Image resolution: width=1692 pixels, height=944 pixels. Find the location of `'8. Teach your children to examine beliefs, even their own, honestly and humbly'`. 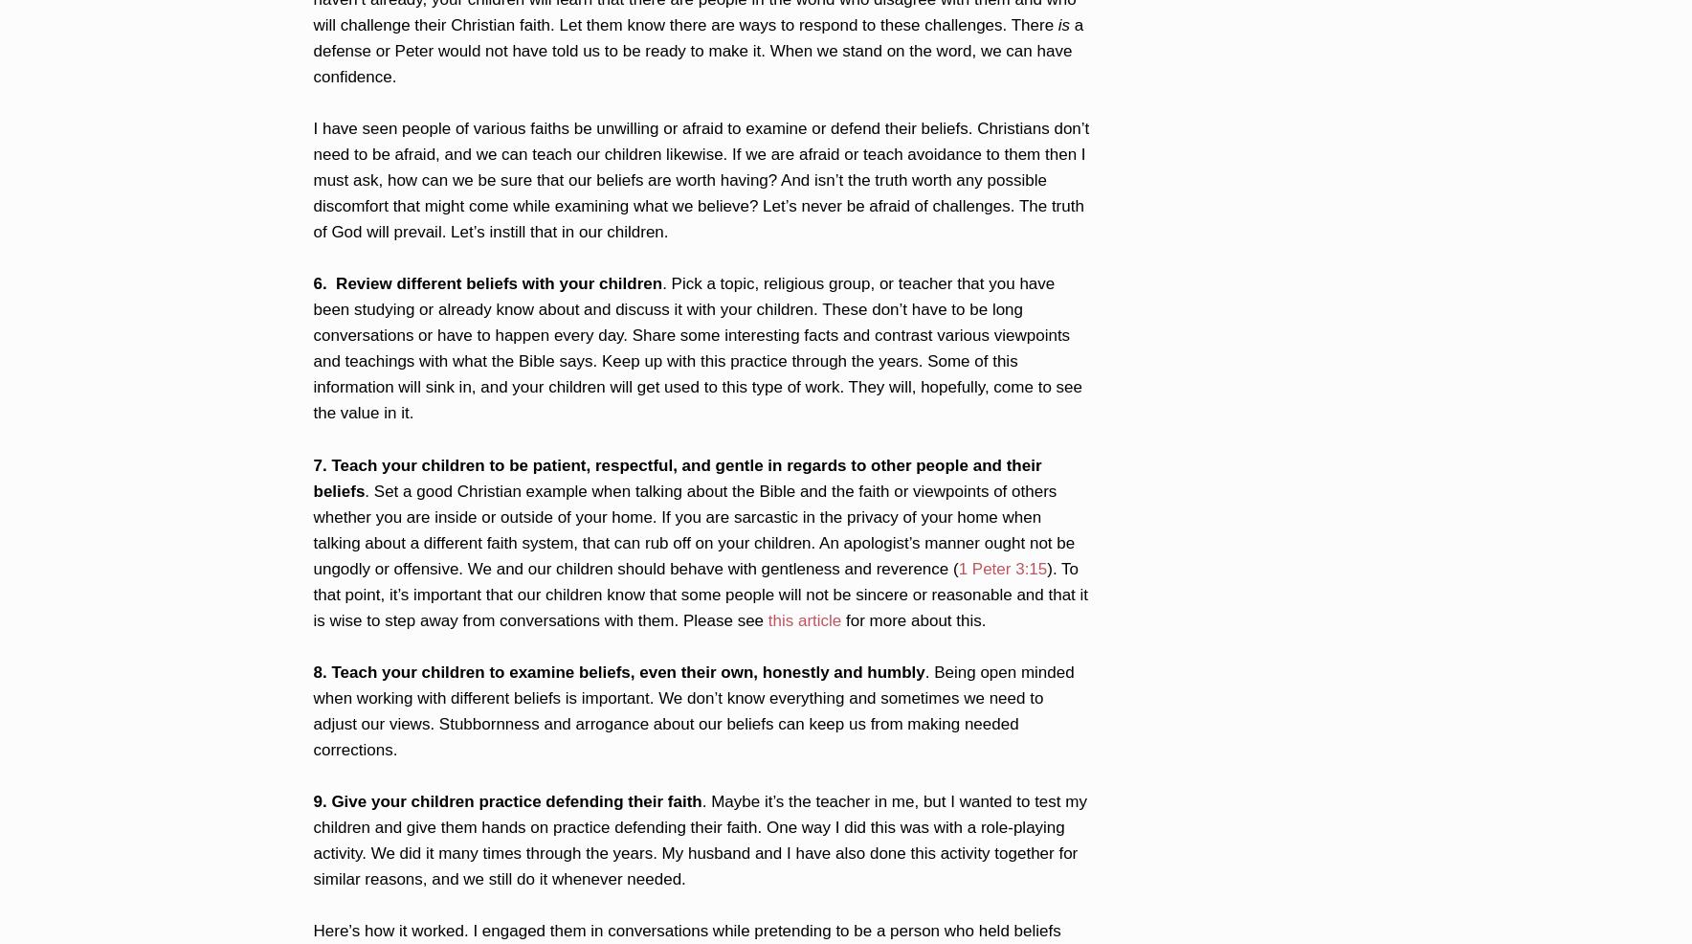

'8. Teach your children to examine beliefs, even their own, honestly and humbly' is located at coordinates (617, 670).